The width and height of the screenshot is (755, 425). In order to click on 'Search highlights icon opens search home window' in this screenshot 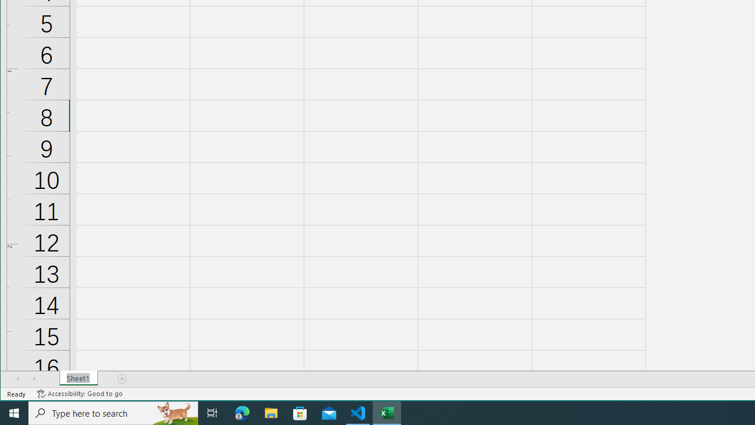, I will do `click(173, 412)`.